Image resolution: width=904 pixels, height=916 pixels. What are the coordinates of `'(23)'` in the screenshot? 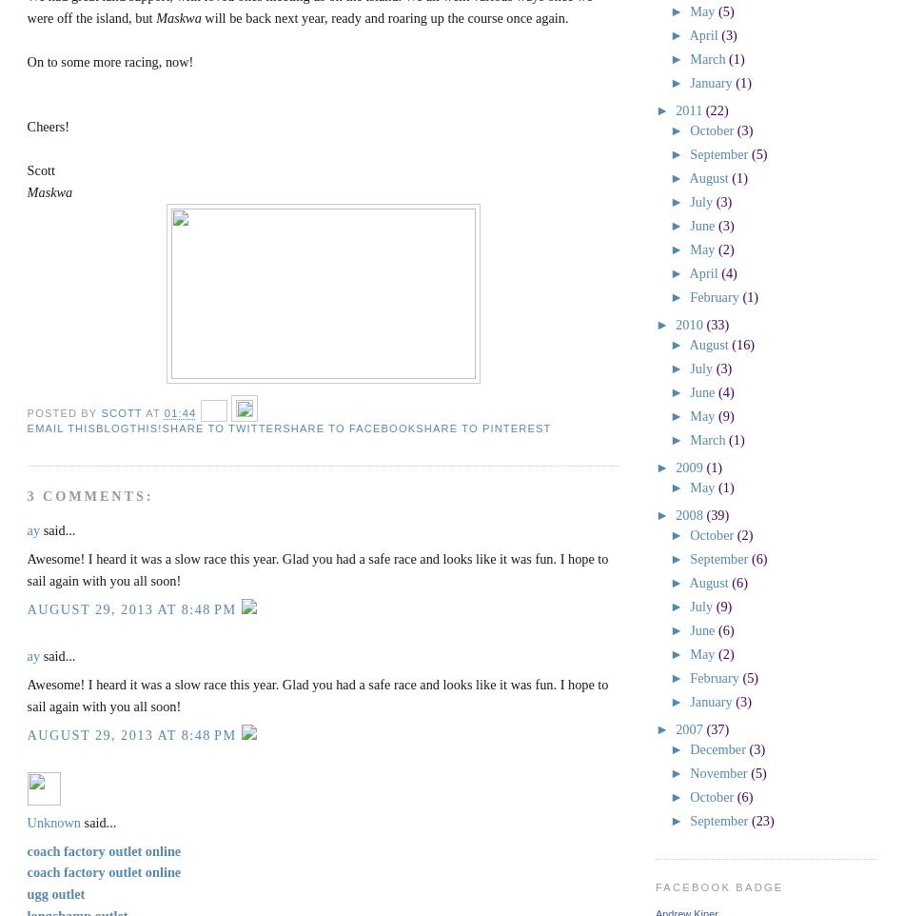 It's located at (761, 820).